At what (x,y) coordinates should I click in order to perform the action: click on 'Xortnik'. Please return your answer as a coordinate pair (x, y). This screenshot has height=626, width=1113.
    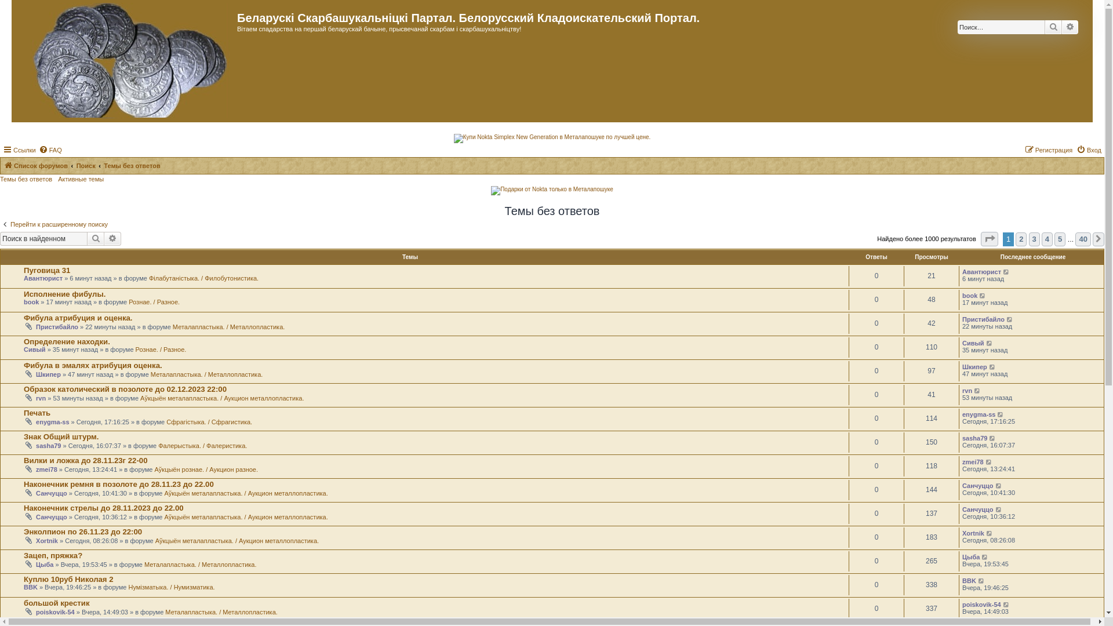
    Looking at the image, I should click on (973, 533).